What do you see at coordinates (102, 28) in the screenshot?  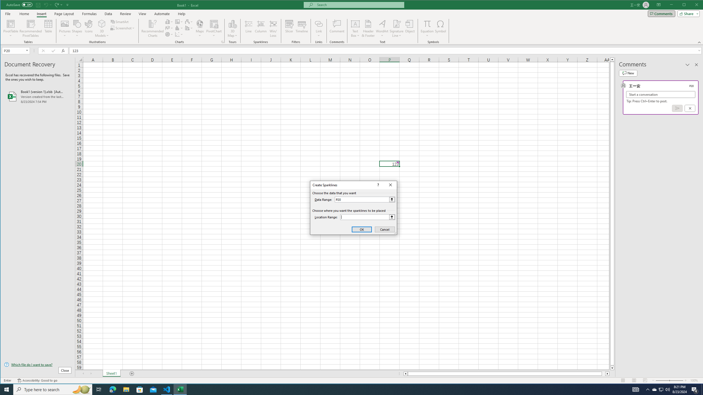 I see `'3D Models'` at bounding box center [102, 28].